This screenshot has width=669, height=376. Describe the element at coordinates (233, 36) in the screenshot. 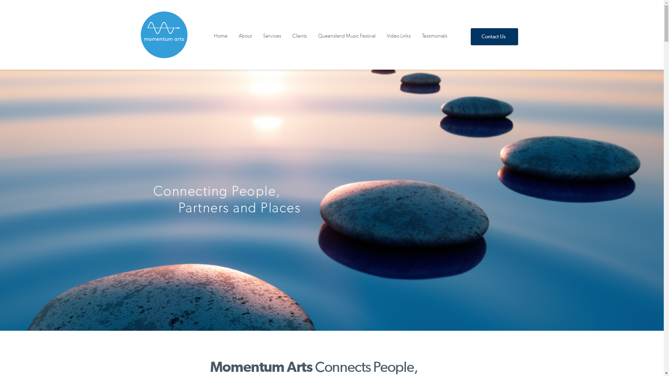

I see `'About'` at that location.